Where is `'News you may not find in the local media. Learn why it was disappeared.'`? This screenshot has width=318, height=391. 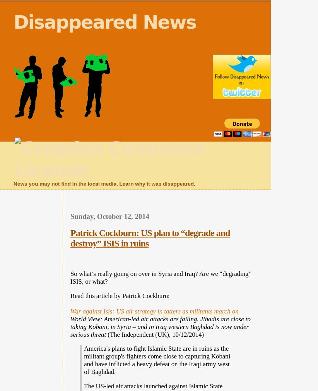 'News you may not find in the local media. Learn why it was disappeared.' is located at coordinates (104, 183).